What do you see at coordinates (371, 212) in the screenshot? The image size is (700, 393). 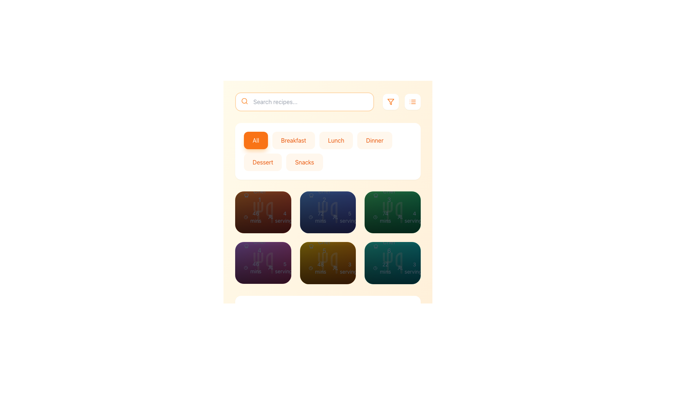 I see `the circular favorite or like button located at the bottom-right corner of the green card` at bounding box center [371, 212].